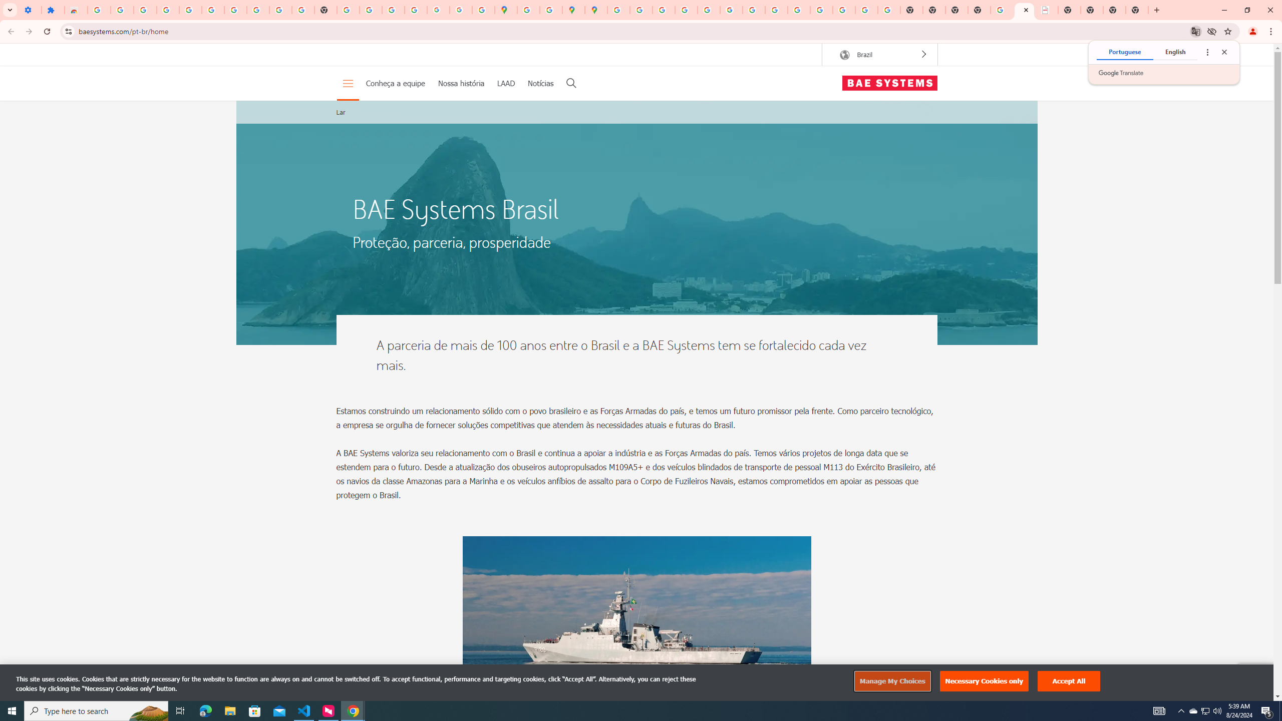  Describe the element at coordinates (879, 54) in the screenshot. I see `'AutomationID: region-selector-top'` at that location.